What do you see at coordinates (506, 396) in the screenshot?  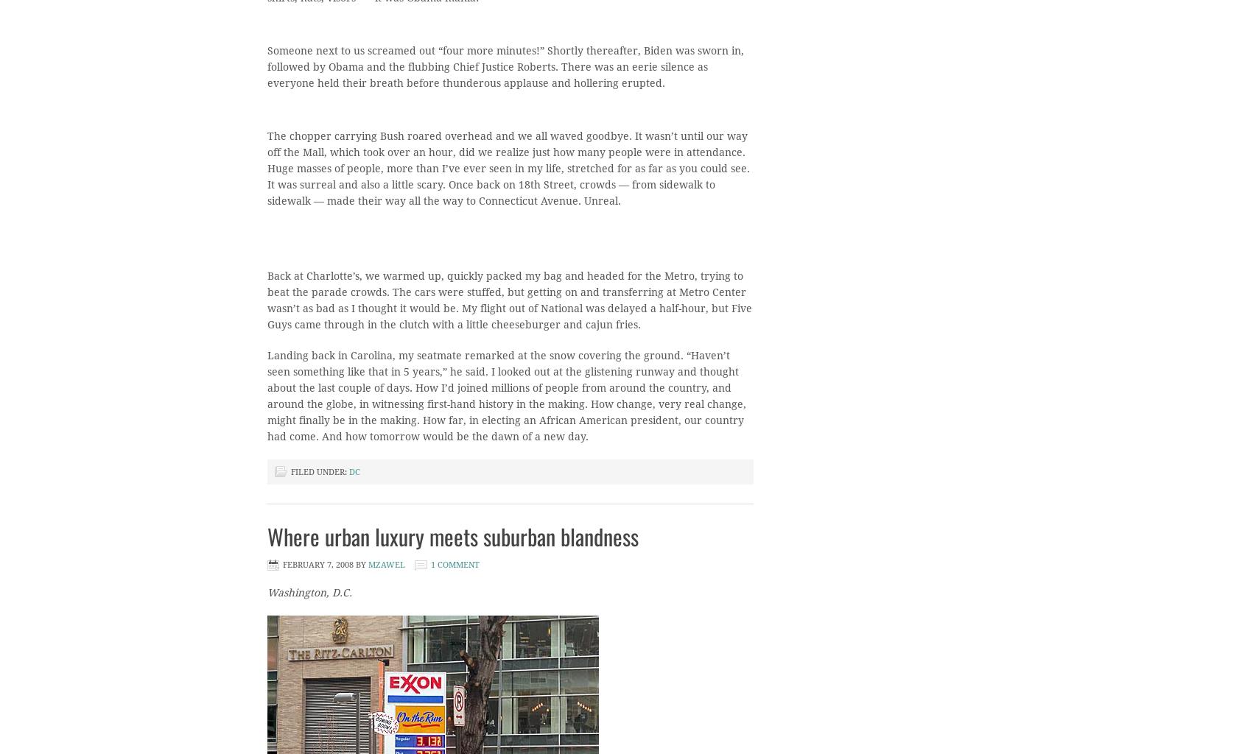 I see `'Landing back in Carolina, my seatmate remarked at the snow covering the ground. “Haven’t seen something like that in 5 years,” he said. I looked out at the glistening runway and thought about the last couple of days. How I’d joined millions of people from around the country, and around the globe, in witnessing first-hand history in the making. How change, very real change, might finally be in the making. How far, in electing an African American president, our country had come. And how tomorrow would be the dawn of a new day.'` at bounding box center [506, 396].